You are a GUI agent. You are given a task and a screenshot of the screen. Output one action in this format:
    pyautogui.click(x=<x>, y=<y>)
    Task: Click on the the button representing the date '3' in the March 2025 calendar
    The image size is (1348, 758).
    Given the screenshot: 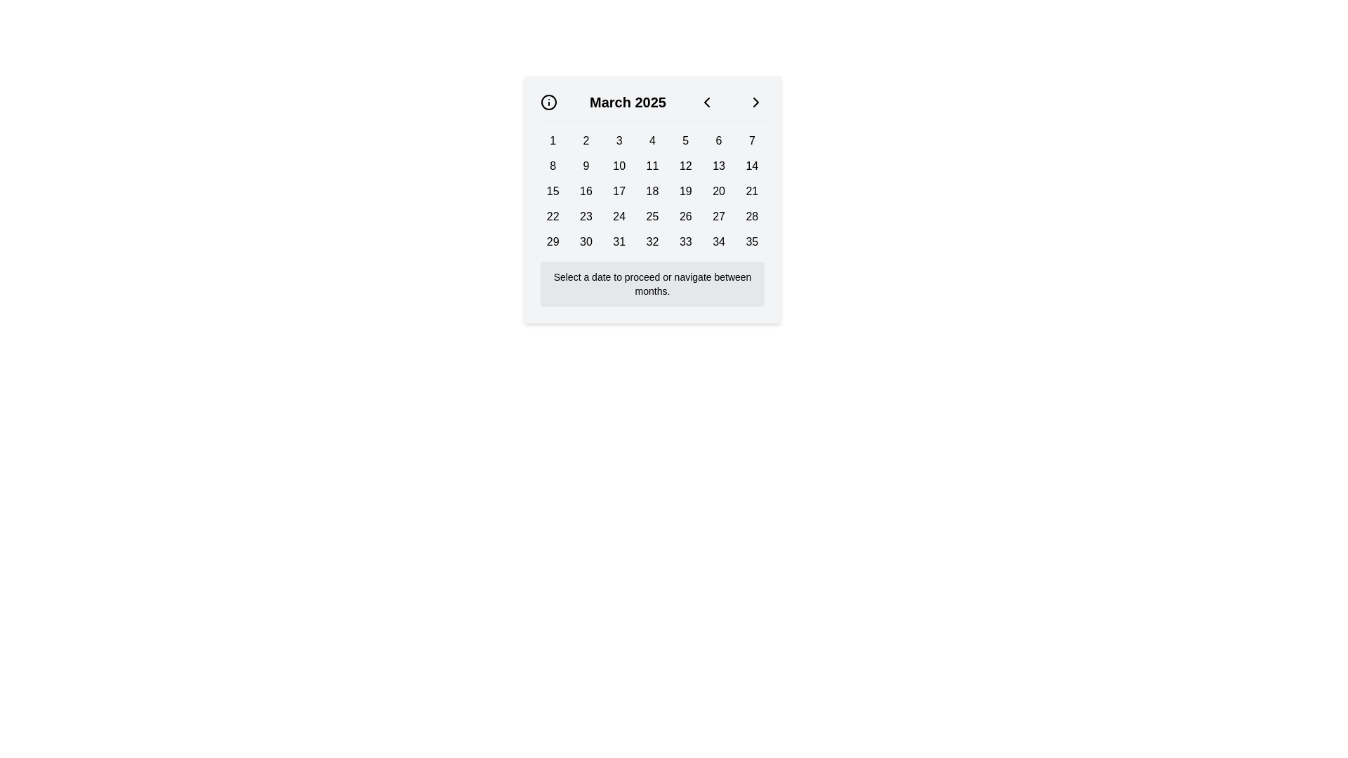 What is the action you would take?
    pyautogui.click(x=619, y=140)
    